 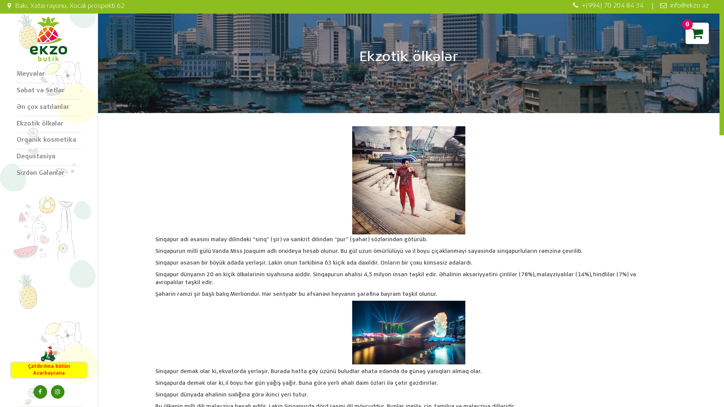 What do you see at coordinates (652, 6) in the screenshot?
I see `'info@ekzo.az'` at bounding box center [652, 6].